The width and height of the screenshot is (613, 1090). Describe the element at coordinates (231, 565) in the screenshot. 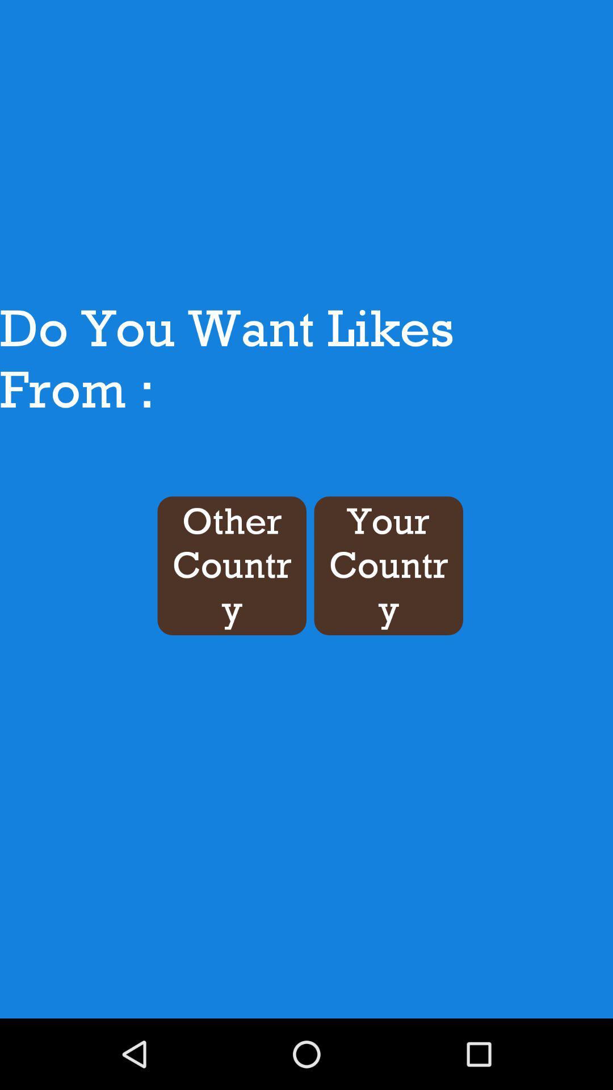

I see `the icon below do you want item` at that location.